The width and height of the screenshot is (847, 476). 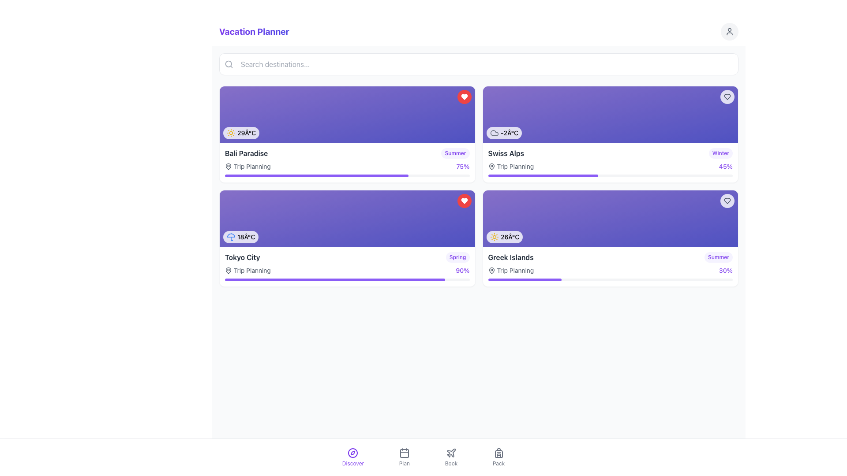 What do you see at coordinates (353, 457) in the screenshot?
I see `the 'Discover' button in the bottom navigation bar, which is the first button from the left and features a purple compass icon above the text label 'Discover'` at bounding box center [353, 457].